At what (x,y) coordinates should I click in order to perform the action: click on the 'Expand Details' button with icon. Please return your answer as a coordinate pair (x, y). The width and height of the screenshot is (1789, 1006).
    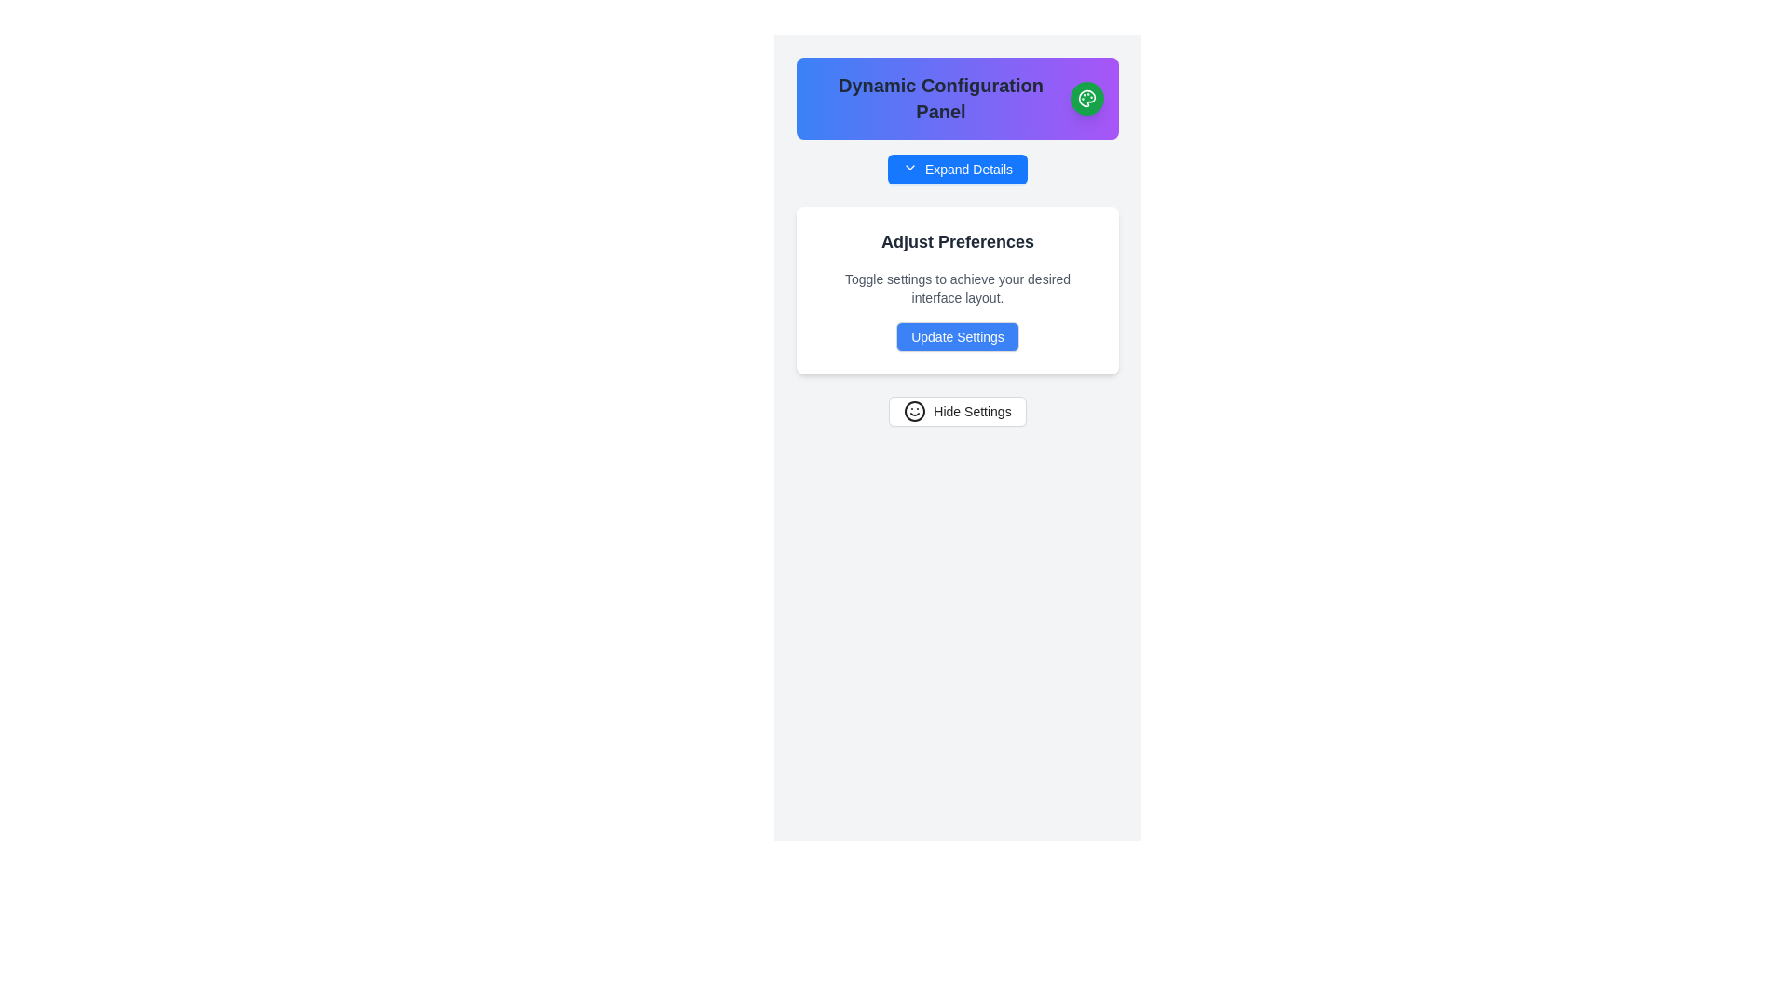
    Looking at the image, I should click on (909, 169).